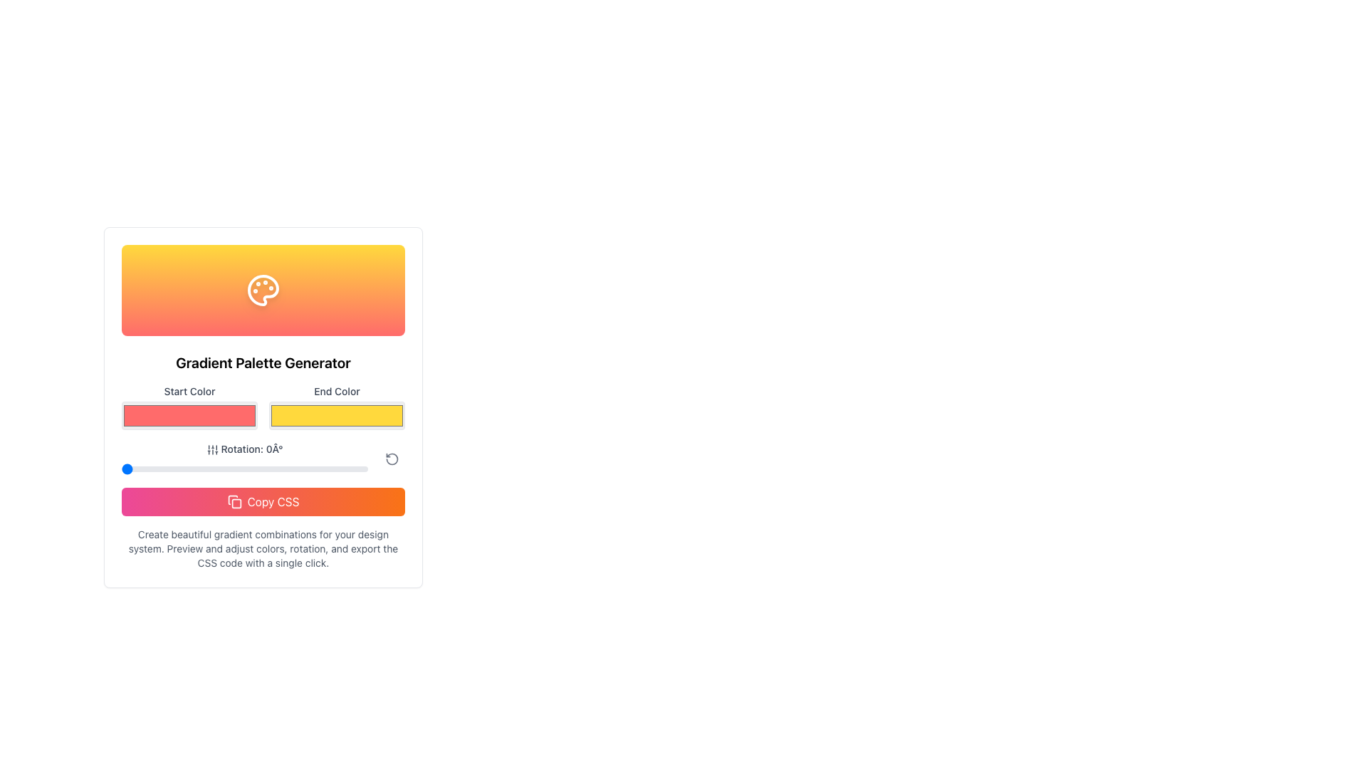 This screenshot has width=1367, height=769. What do you see at coordinates (241, 469) in the screenshot?
I see `the rotation` at bounding box center [241, 469].